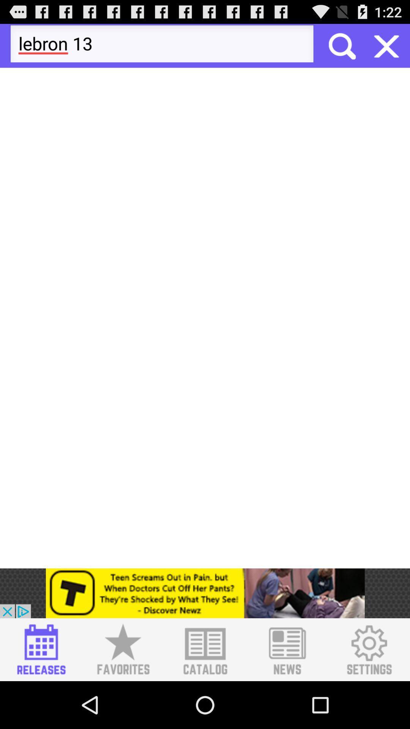 The height and width of the screenshot is (729, 410). Describe the element at coordinates (369, 695) in the screenshot. I see `the settings icon` at that location.